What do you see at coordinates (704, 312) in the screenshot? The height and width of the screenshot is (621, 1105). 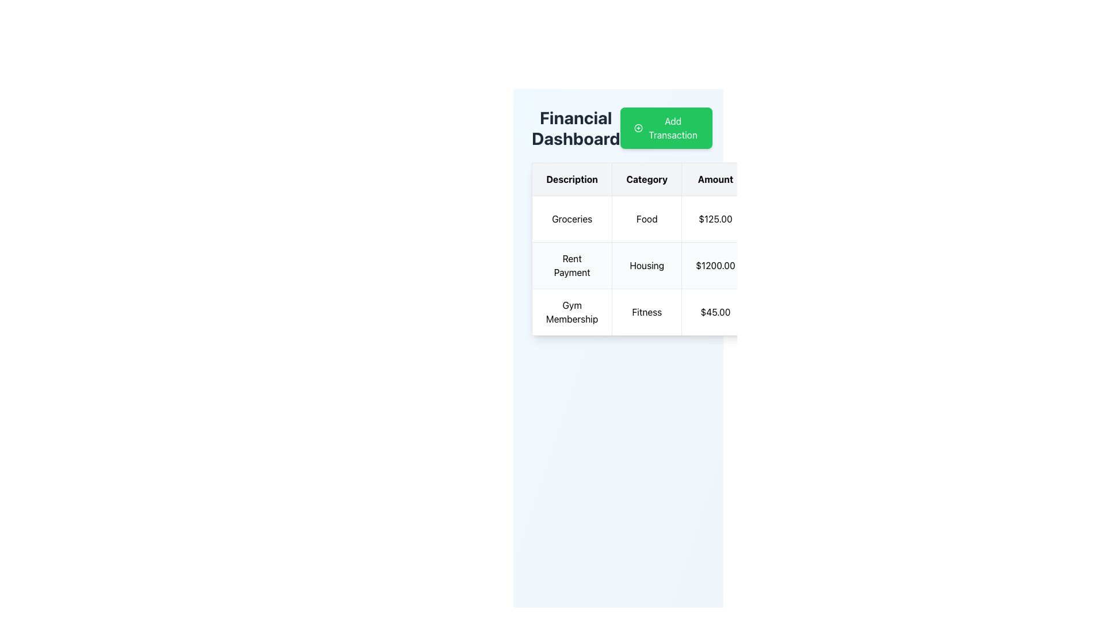 I see `the third row in the table that contains the gym membership transaction details, including 'Gym Membership', 'Fitness', and '$45.00'` at bounding box center [704, 312].